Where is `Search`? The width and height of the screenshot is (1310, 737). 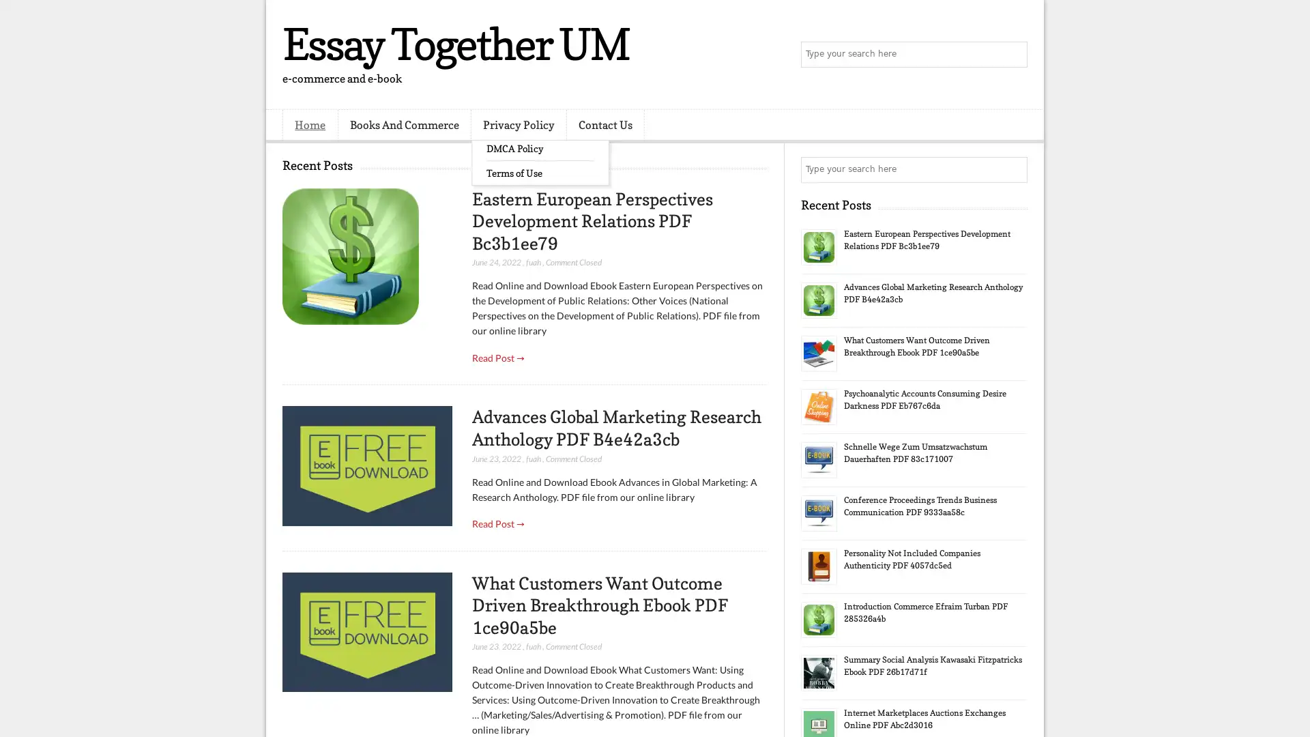 Search is located at coordinates (1013, 55).